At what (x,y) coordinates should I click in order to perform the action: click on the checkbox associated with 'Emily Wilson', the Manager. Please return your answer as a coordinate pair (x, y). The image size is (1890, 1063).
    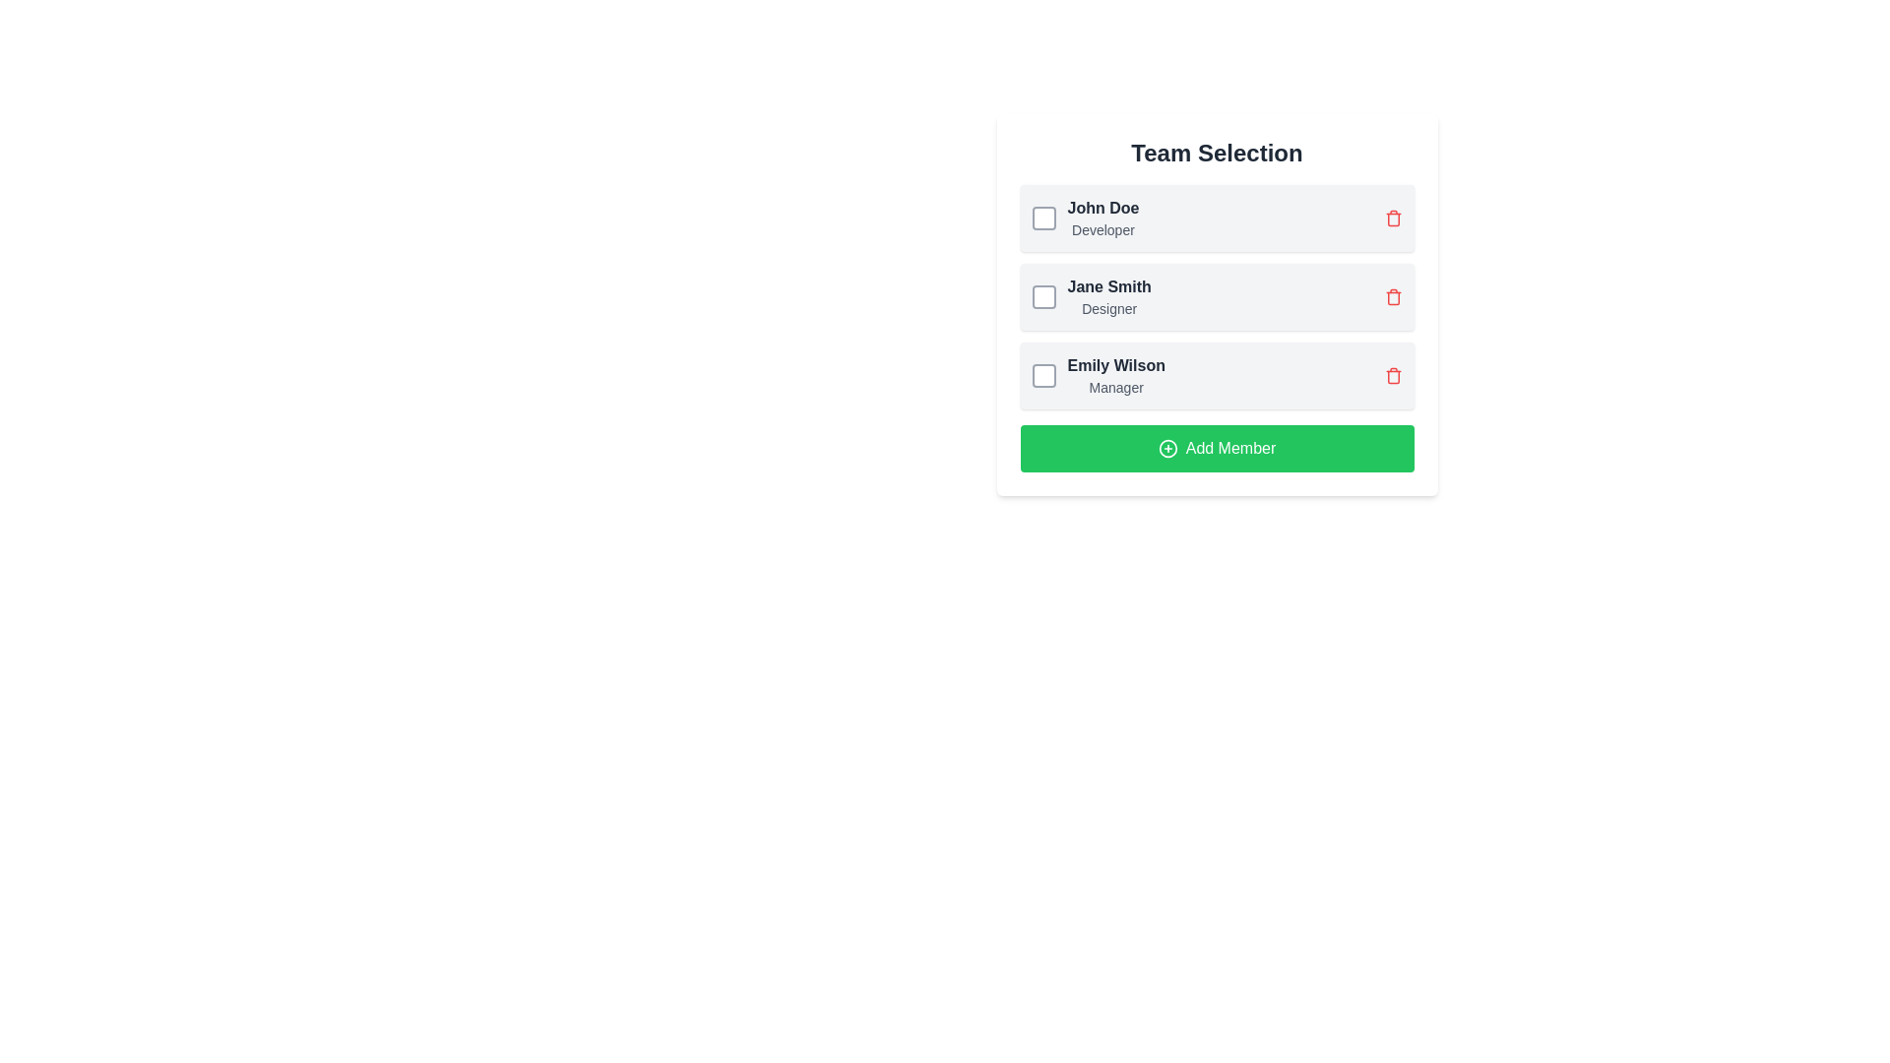
    Looking at the image, I should click on (1042, 375).